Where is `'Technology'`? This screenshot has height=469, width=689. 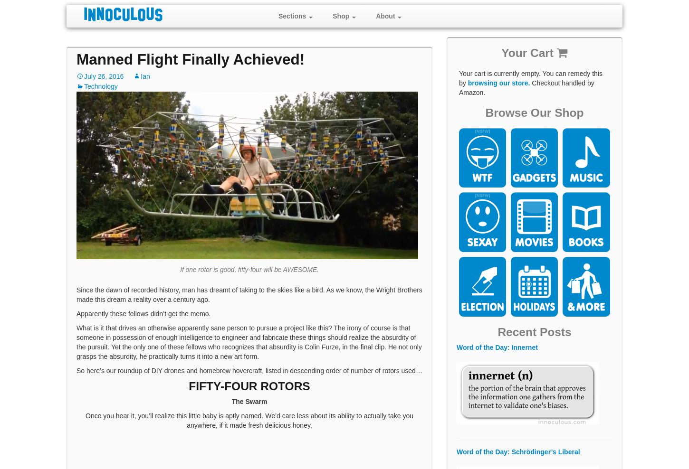
'Technology' is located at coordinates (100, 85).